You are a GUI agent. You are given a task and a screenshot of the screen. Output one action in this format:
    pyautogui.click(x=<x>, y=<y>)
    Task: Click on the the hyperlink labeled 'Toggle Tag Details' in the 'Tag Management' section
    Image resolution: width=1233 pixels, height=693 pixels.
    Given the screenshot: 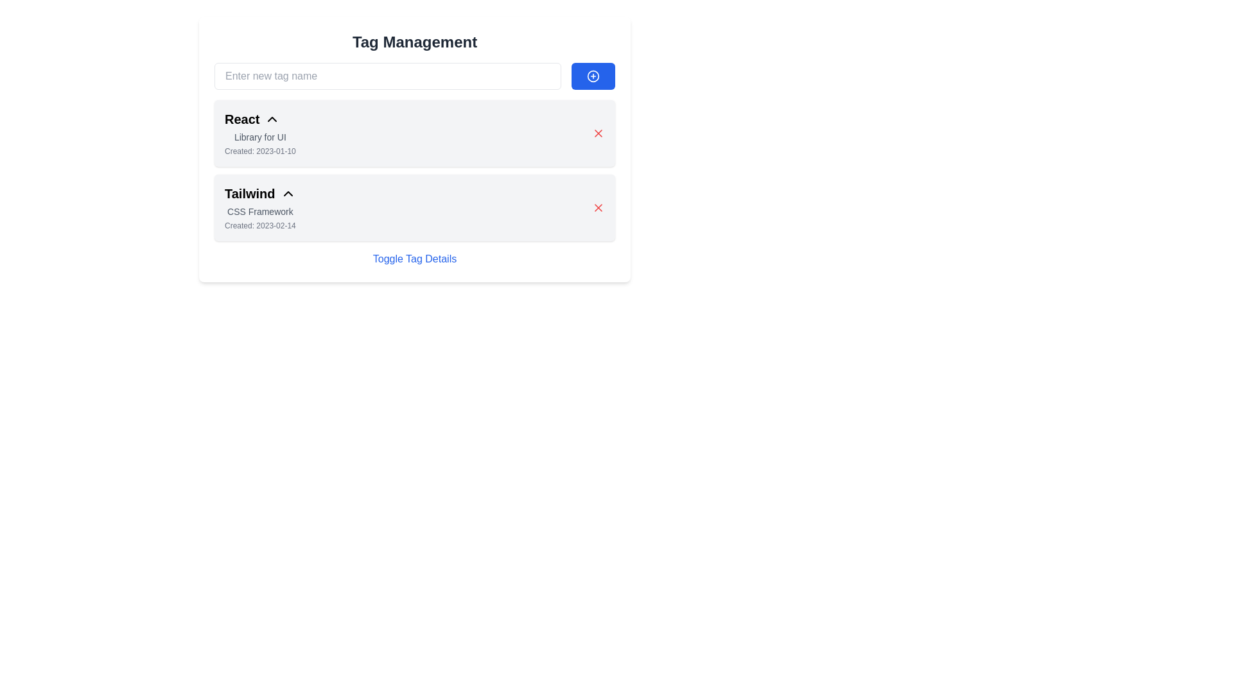 What is the action you would take?
    pyautogui.click(x=415, y=259)
    